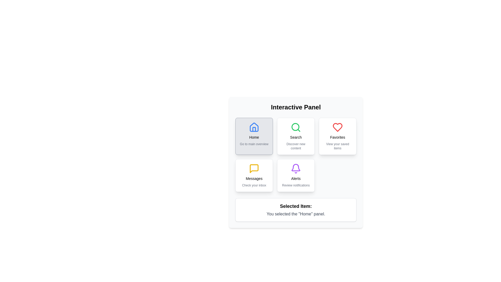 The image size is (501, 282). I want to click on the decorative graphic element representing the lens of the magnifying glass in the 'Search' icon, located in the top row of the grid within the 'Interactive Panel', so click(295, 127).